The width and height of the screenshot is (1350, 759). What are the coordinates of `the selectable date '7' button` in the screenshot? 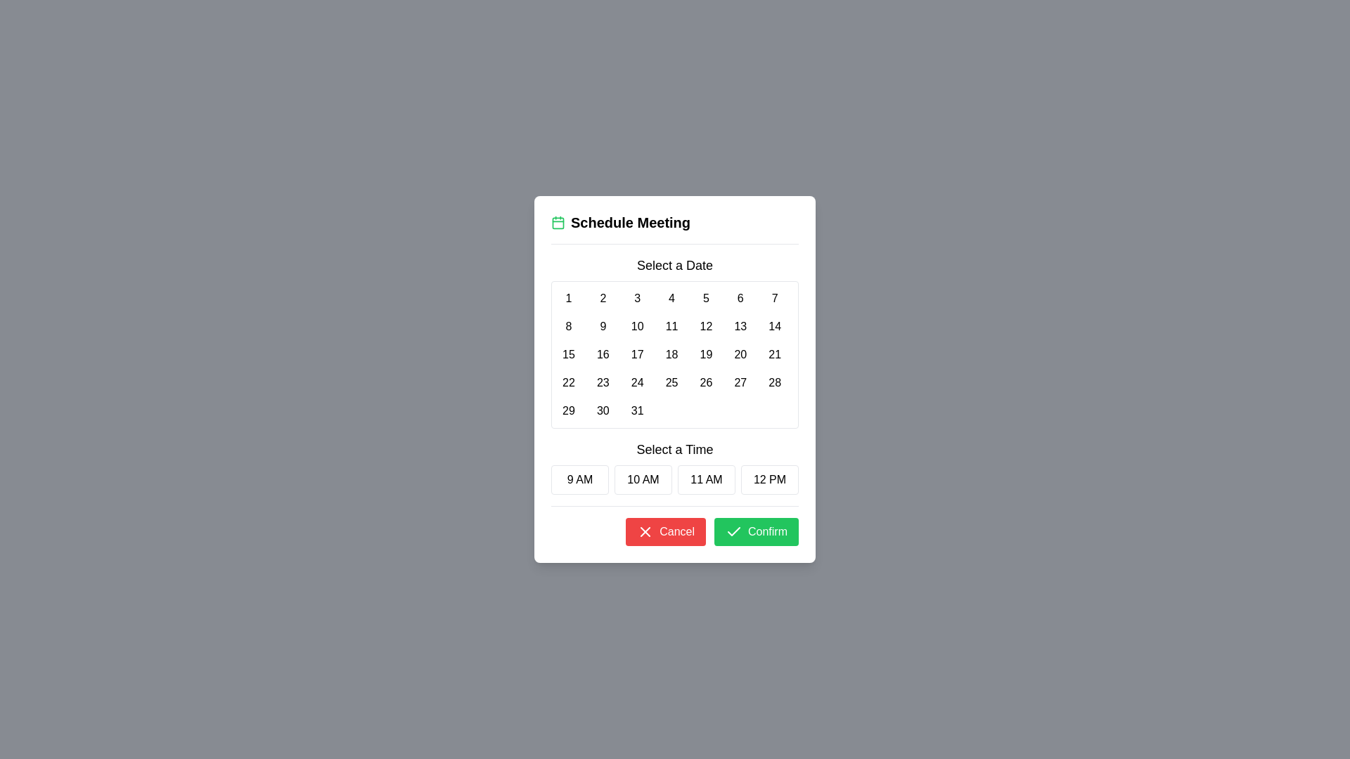 It's located at (774, 297).